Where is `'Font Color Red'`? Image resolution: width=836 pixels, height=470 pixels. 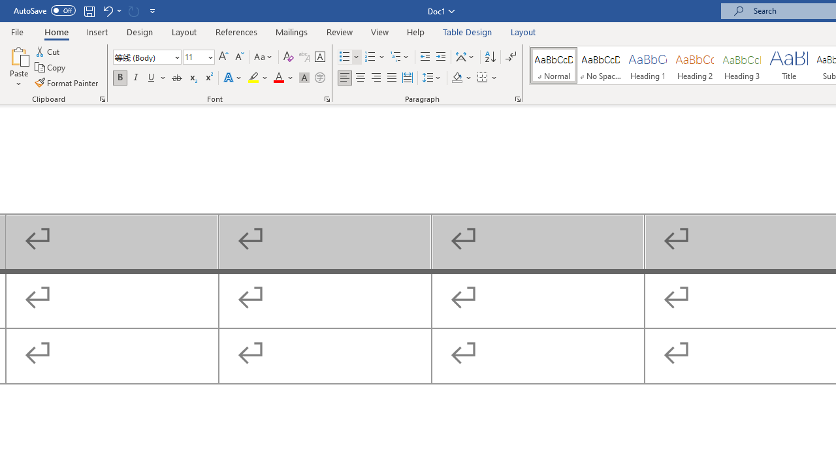 'Font Color Red' is located at coordinates (278, 78).